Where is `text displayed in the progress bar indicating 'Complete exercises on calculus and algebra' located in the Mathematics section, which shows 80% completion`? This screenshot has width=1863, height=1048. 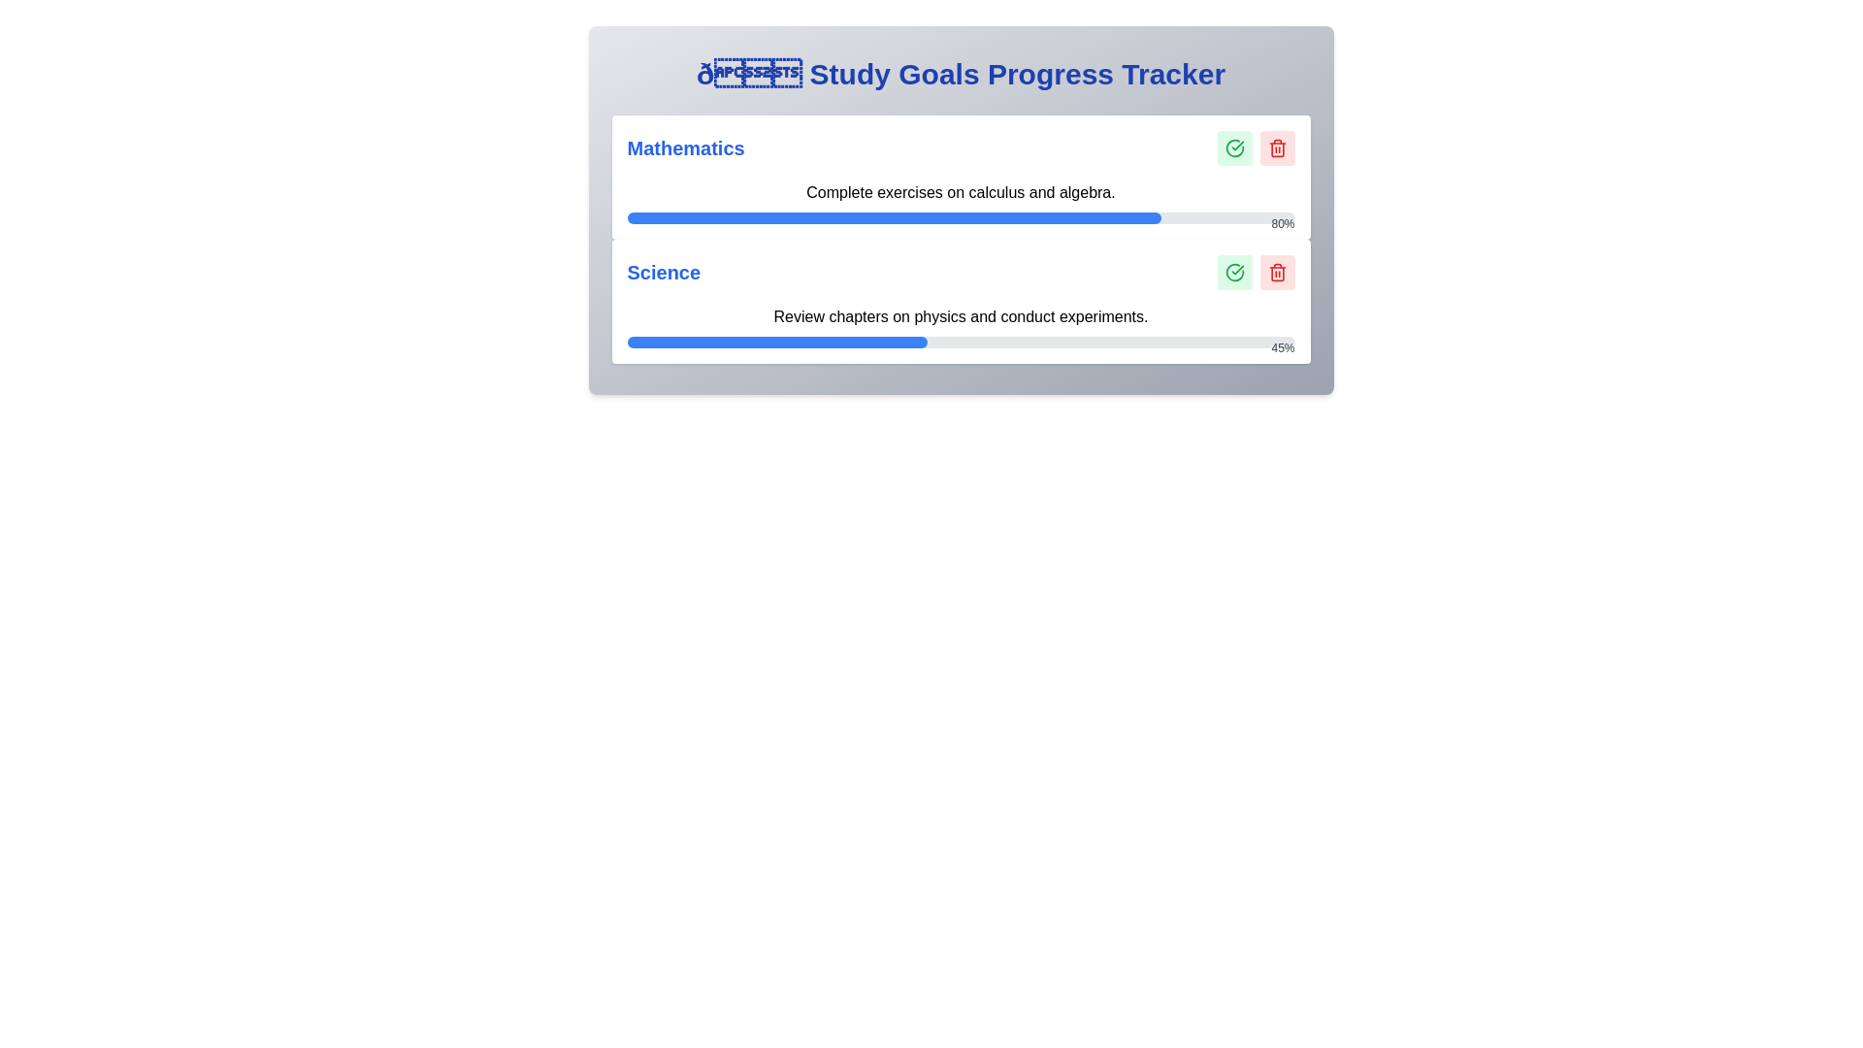
text displayed in the progress bar indicating 'Complete exercises on calculus and algebra' located in the Mathematics section, which shows 80% completion is located at coordinates (961, 202).